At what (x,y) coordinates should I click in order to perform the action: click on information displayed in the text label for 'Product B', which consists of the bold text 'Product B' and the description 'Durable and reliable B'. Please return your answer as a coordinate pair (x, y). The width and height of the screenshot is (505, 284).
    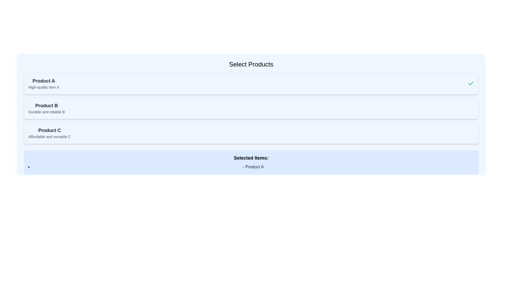
    Looking at the image, I should click on (47, 108).